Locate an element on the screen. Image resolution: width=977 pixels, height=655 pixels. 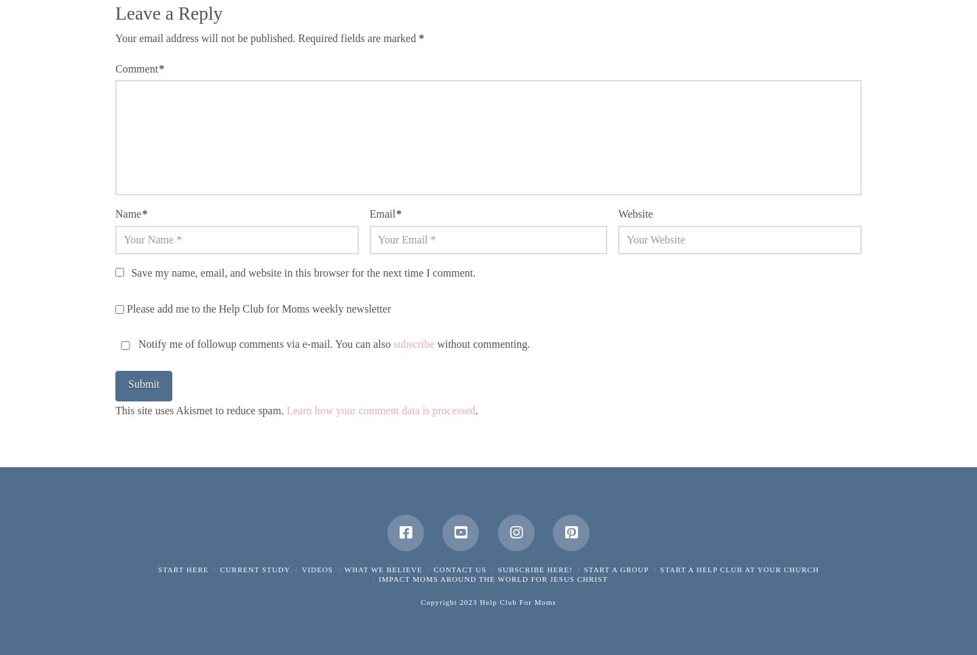
'Start Here' is located at coordinates (182, 568).